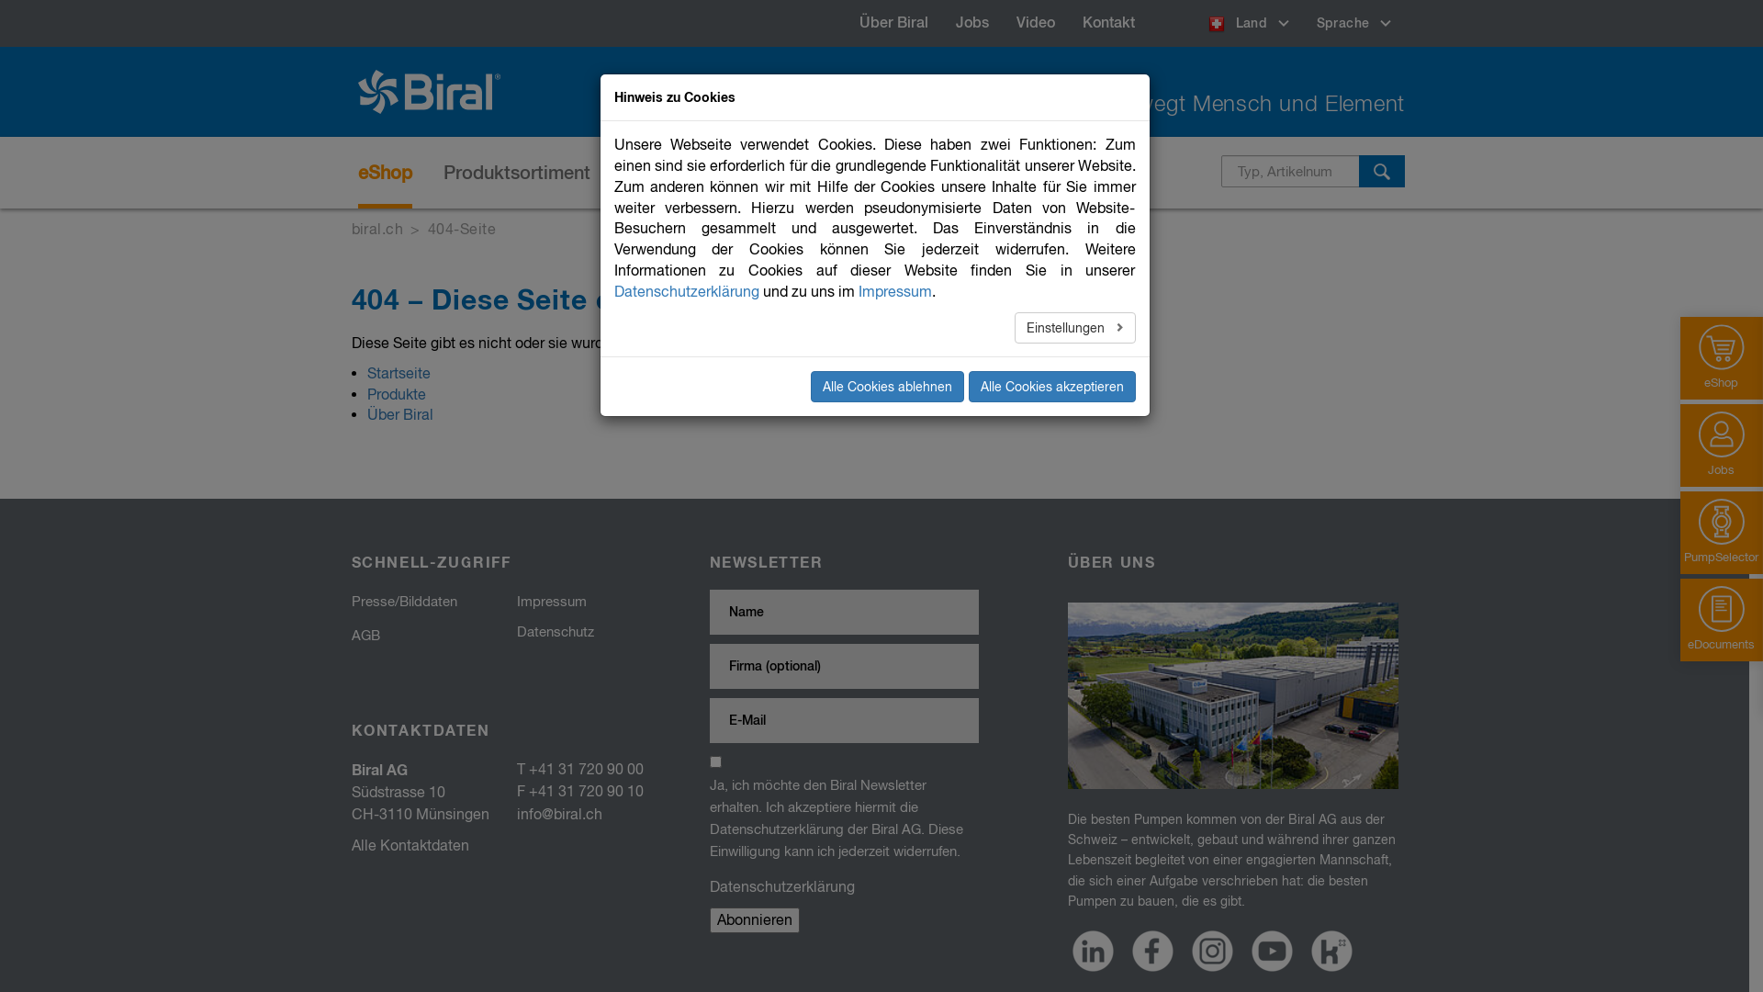 The width and height of the screenshot is (1763, 992). Describe the element at coordinates (365, 634) in the screenshot. I see `'AGB'` at that location.